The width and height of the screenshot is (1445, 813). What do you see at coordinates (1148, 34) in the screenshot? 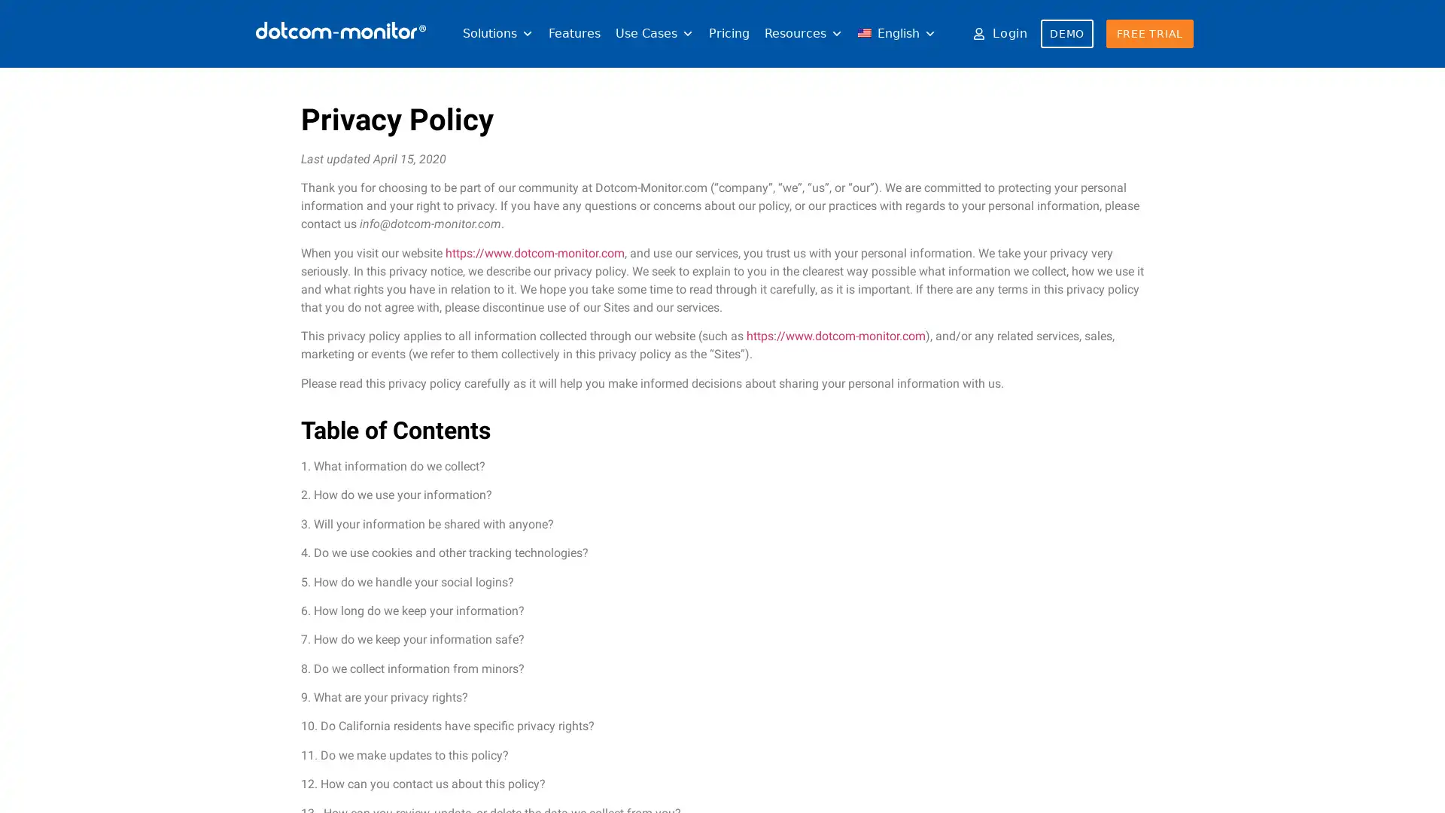
I see `FREE TRIAL` at bounding box center [1148, 34].